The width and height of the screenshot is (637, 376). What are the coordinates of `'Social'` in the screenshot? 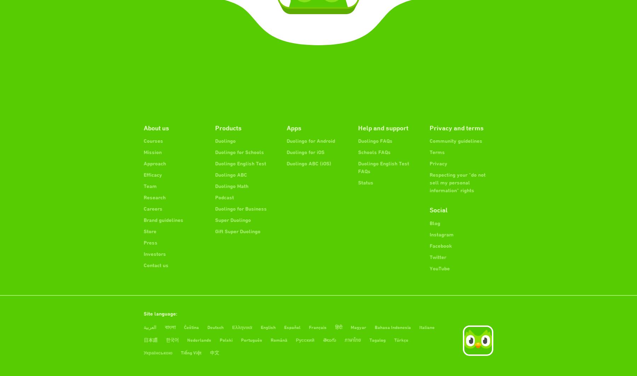 It's located at (438, 210).